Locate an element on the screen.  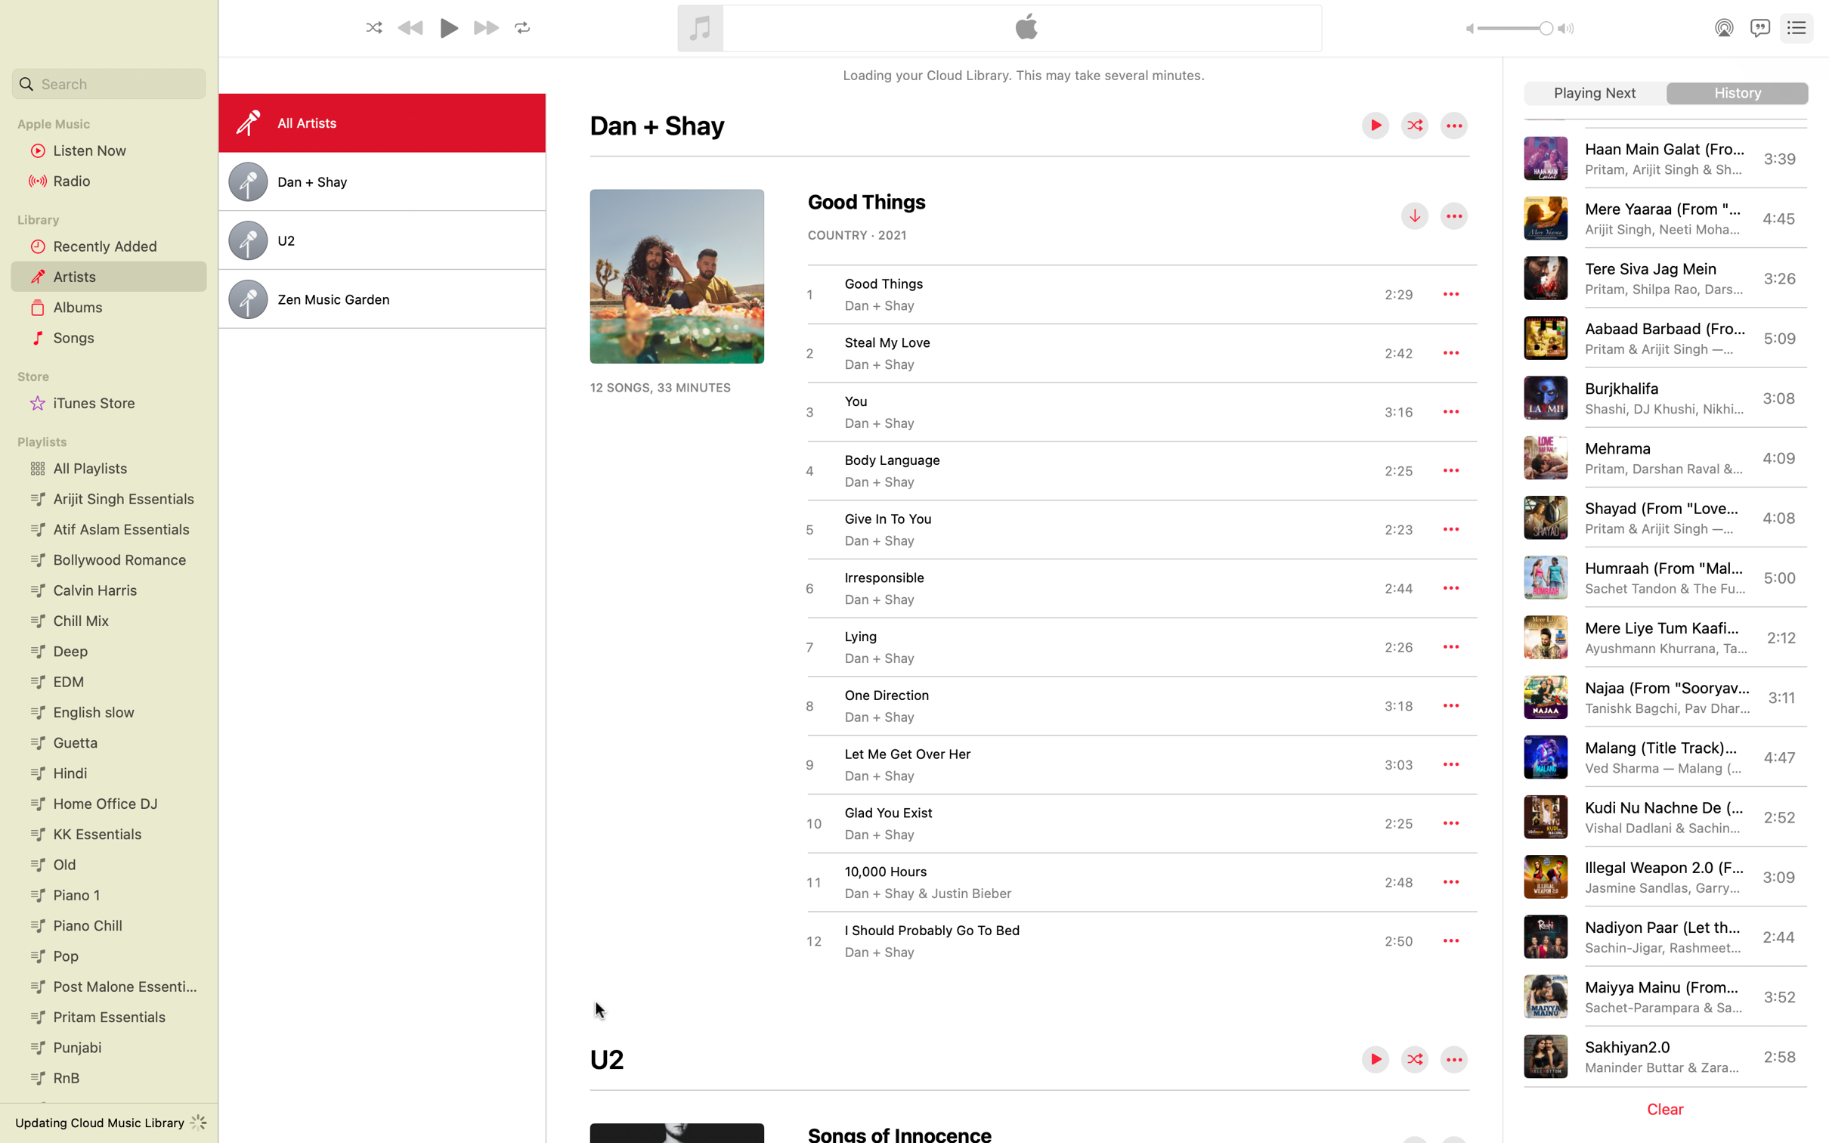
Execute the song named irresponsible is located at coordinates (1107, 587).